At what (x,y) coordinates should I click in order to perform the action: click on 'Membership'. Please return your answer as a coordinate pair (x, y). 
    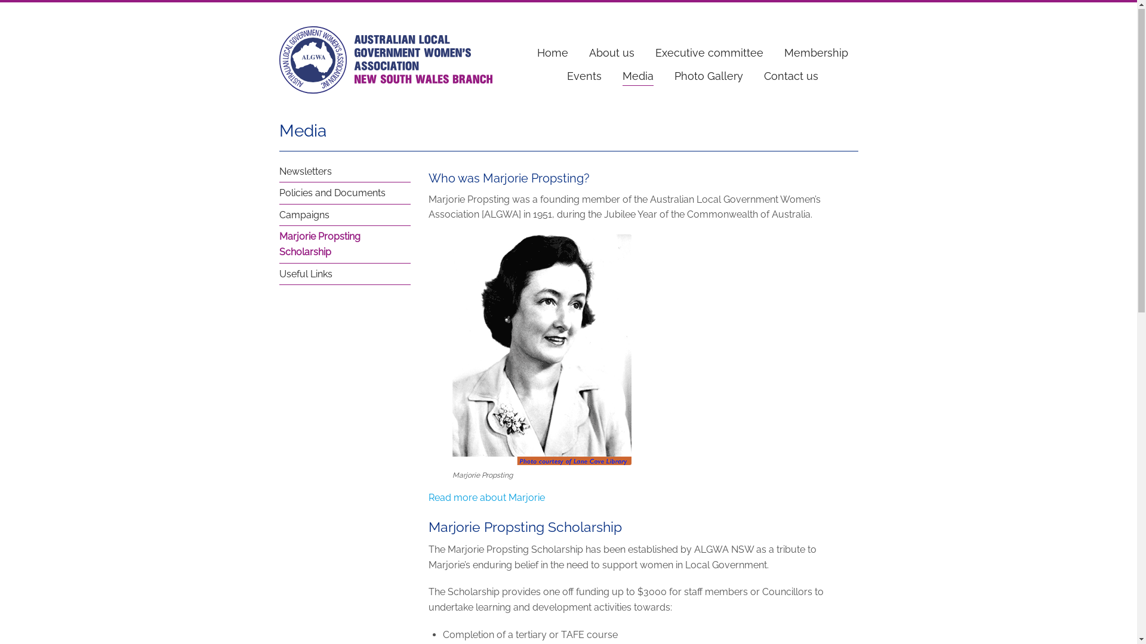
    Looking at the image, I should click on (815, 52).